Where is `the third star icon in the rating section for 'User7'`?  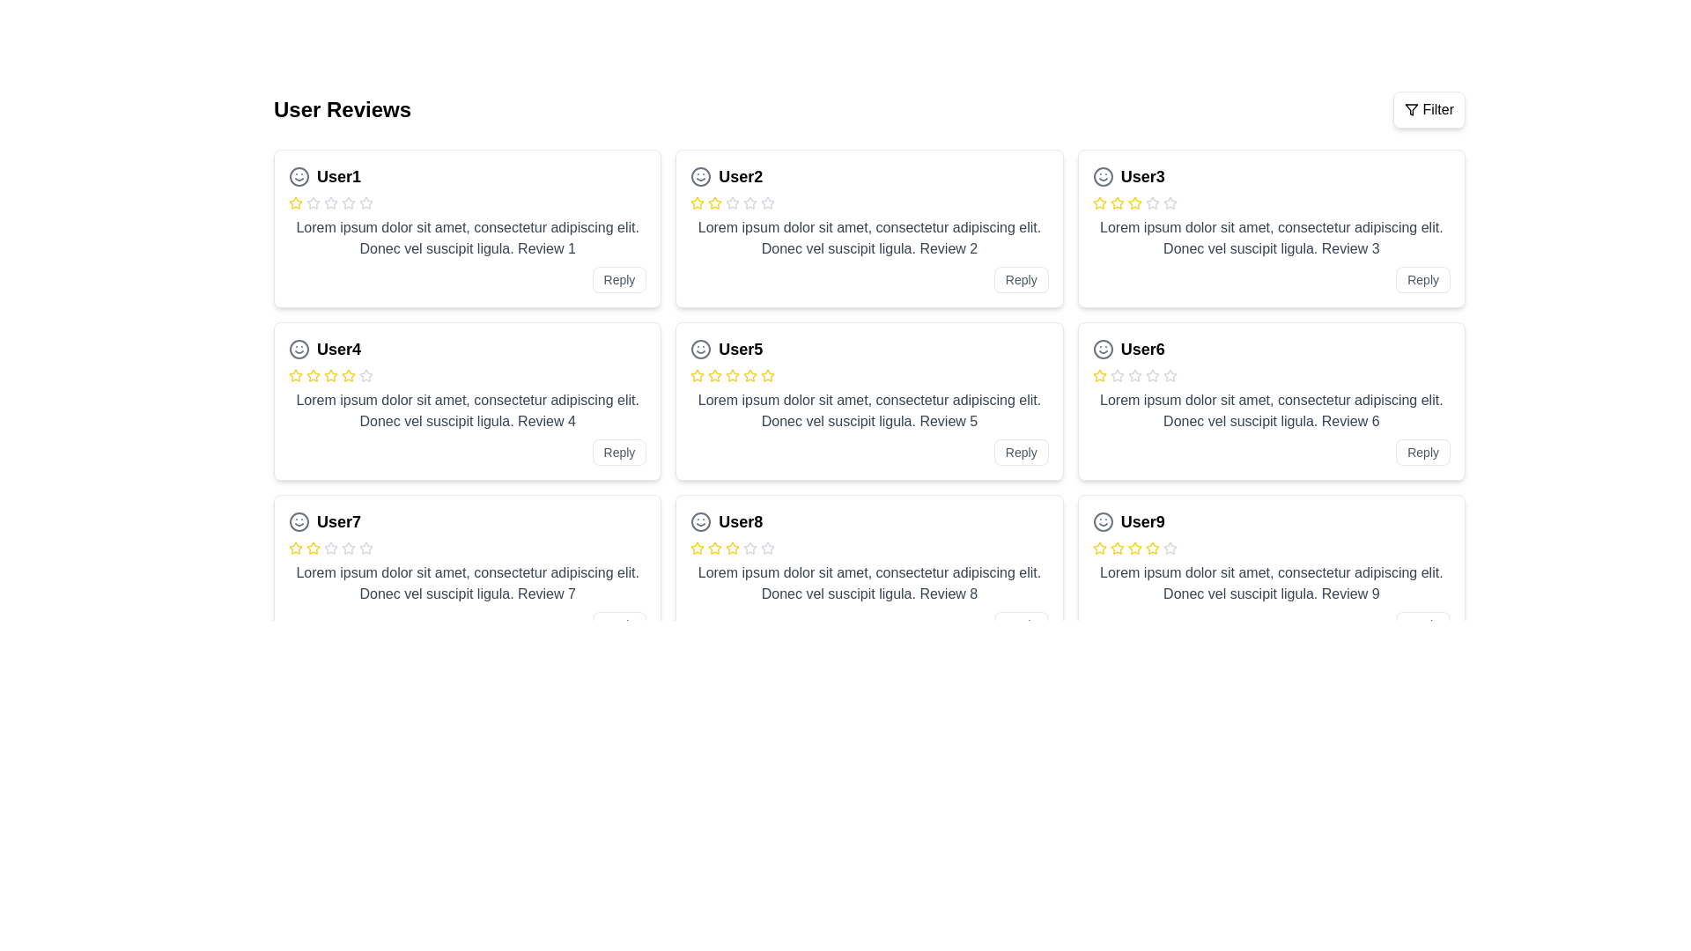
the third star icon in the rating section for 'User7' is located at coordinates (313, 548).